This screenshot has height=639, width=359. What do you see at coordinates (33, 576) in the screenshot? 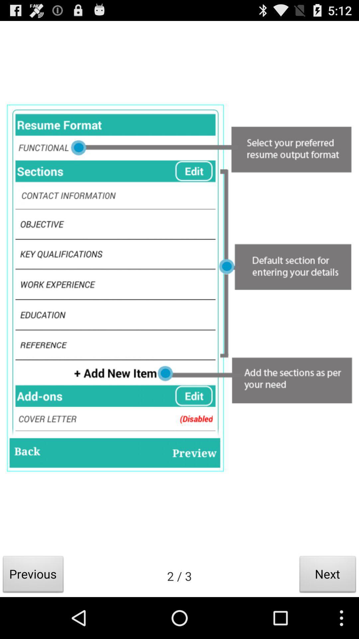
I see `icon to the left of 2 / 3 app` at bounding box center [33, 576].